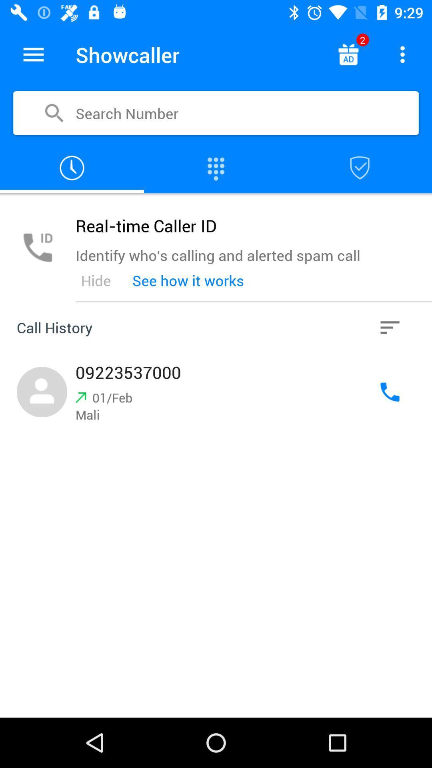 This screenshot has height=768, width=432. Describe the element at coordinates (359, 168) in the screenshot. I see `show blocklist` at that location.